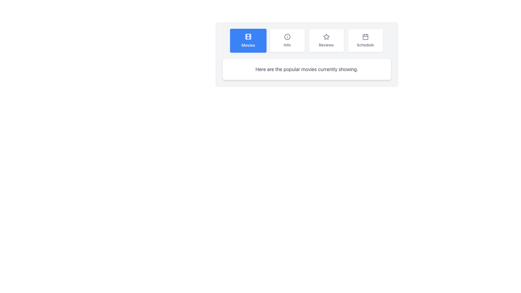 Image resolution: width=521 pixels, height=293 pixels. I want to click on the navigation tab in the navigation bar to switch to its associated section, so click(307, 40).